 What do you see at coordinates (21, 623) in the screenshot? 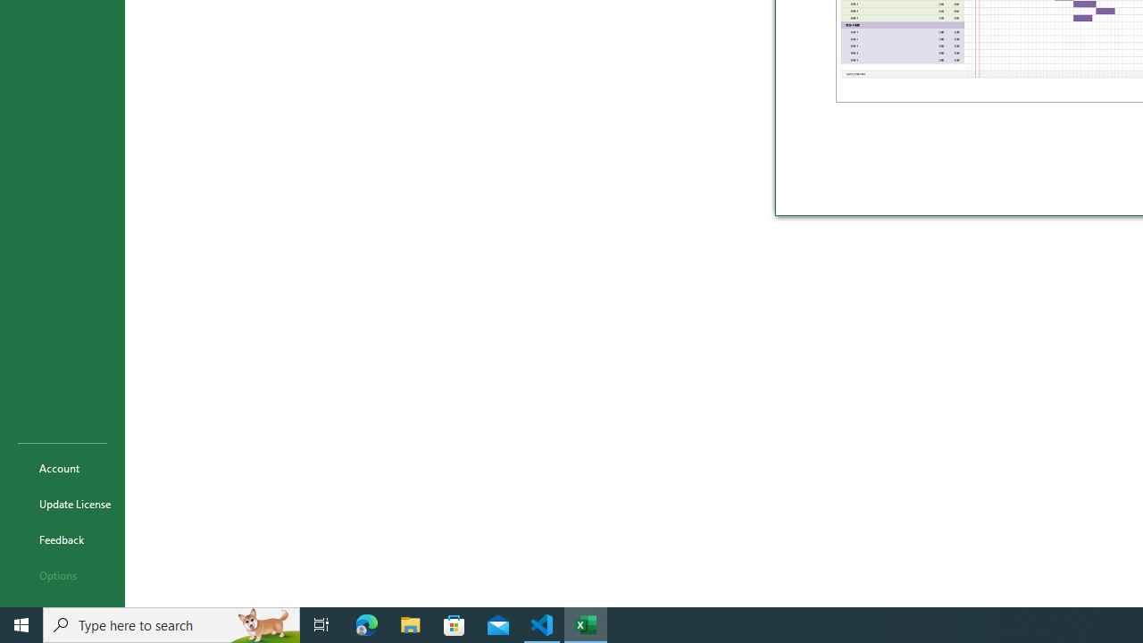
I see `'Start'` at bounding box center [21, 623].